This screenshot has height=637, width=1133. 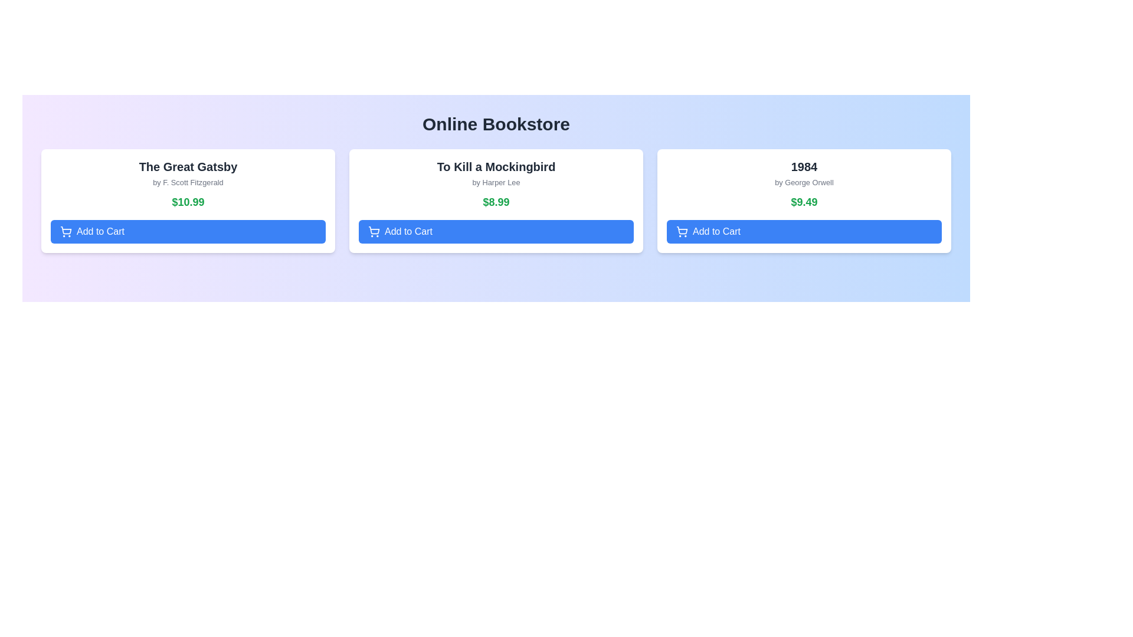 I want to click on the text label indicating the author of the book 'The Great Gatsby', located directly under the title and above the price text '$10.99' in the leftmost book card, so click(x=187, y=182).